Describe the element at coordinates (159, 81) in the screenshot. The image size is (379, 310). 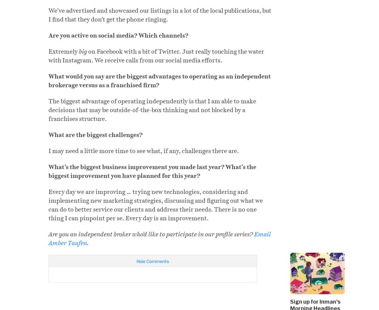
I see `'What would you say are the biggest advantages to operating as an independent brokerage versus as a franchised firm?'` at that location.